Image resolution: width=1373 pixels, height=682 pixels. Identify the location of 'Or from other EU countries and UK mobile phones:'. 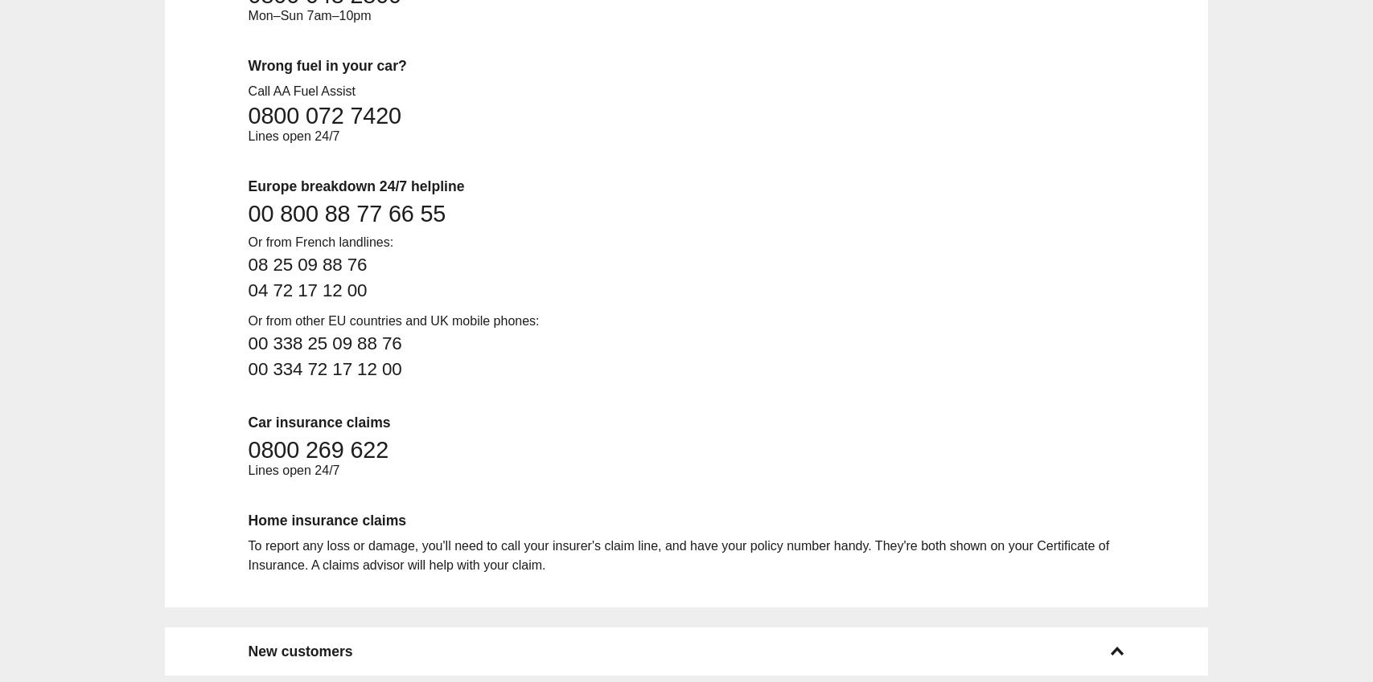
(247, 319).